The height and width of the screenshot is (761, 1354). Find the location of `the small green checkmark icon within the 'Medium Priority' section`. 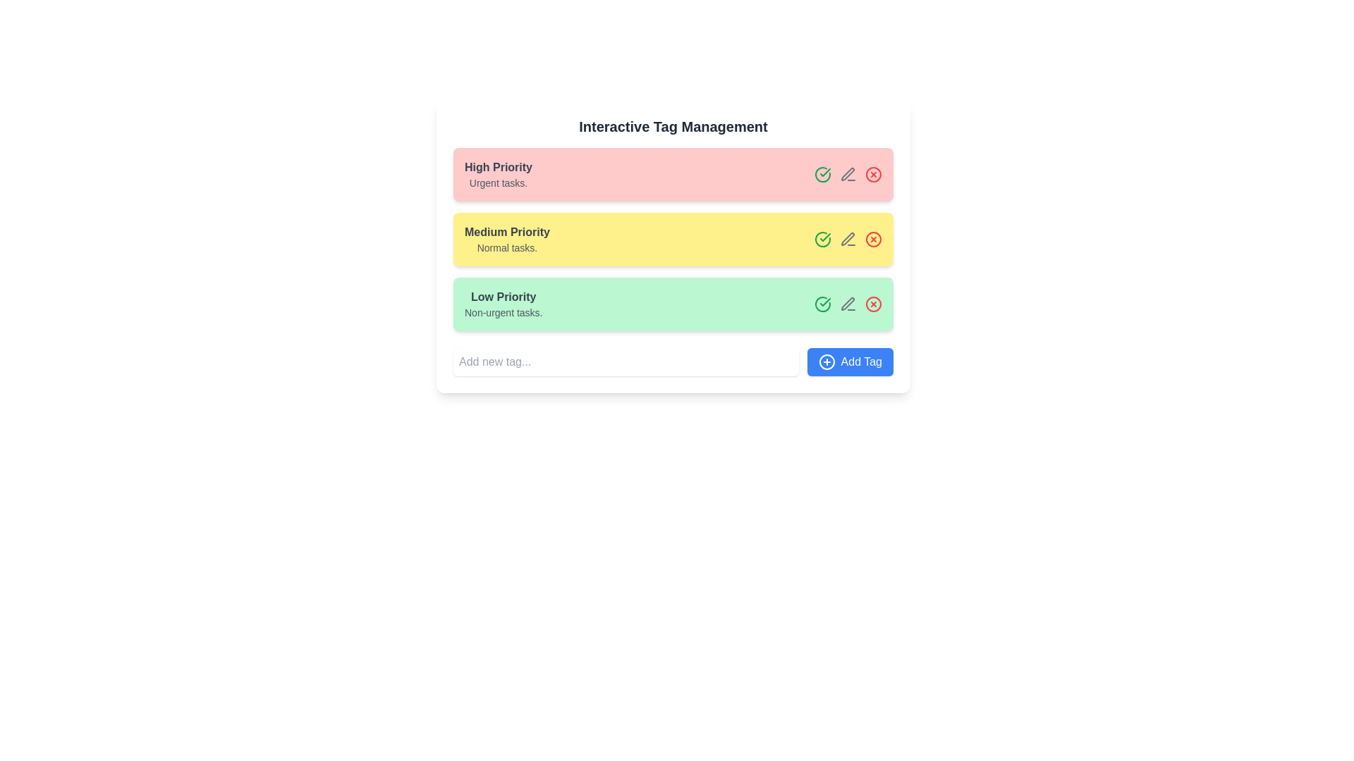

the small green checkmark icon within the 'Medium Priority' section is located at coordinates (825, 236).